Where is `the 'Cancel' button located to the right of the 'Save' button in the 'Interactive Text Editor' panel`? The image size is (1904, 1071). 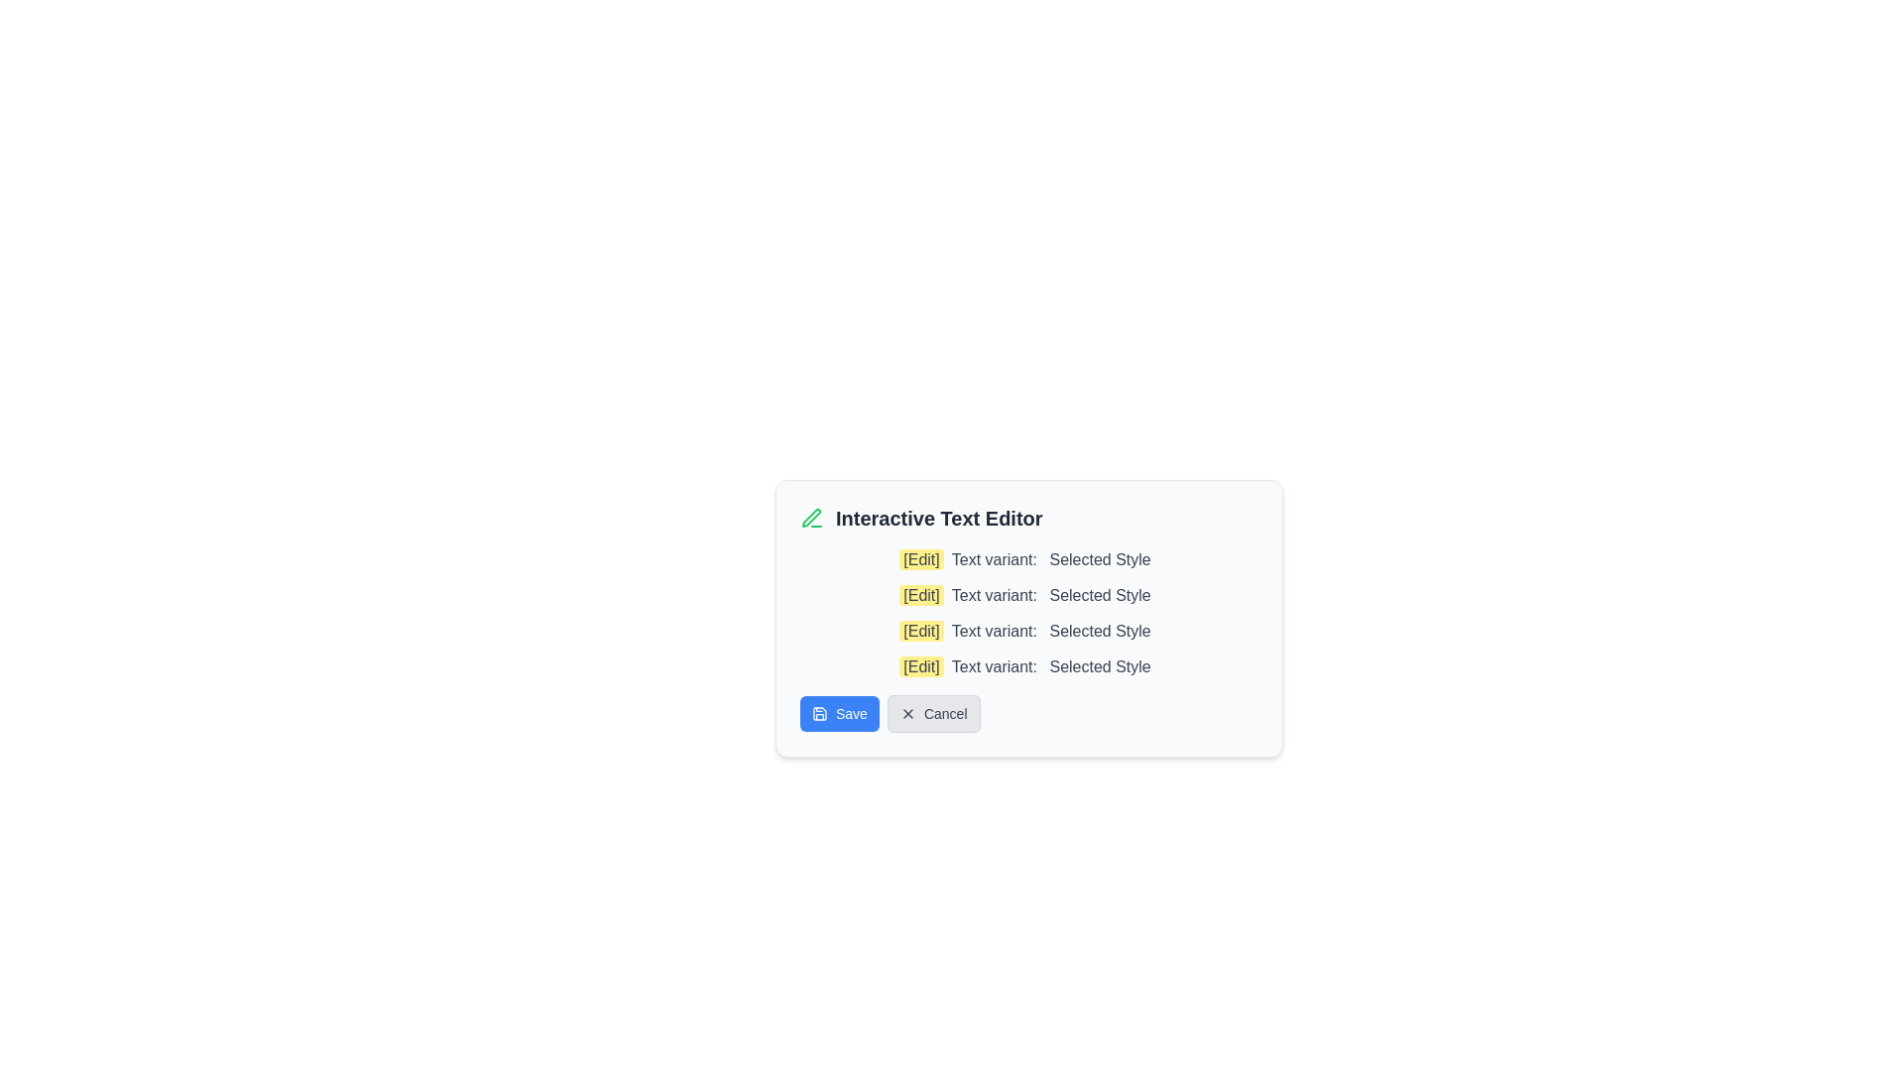
the 'Cancel' button located to the right of the 'Save' button in the 'Interactive Text Editor' panel is located at coordinates (932, 714).